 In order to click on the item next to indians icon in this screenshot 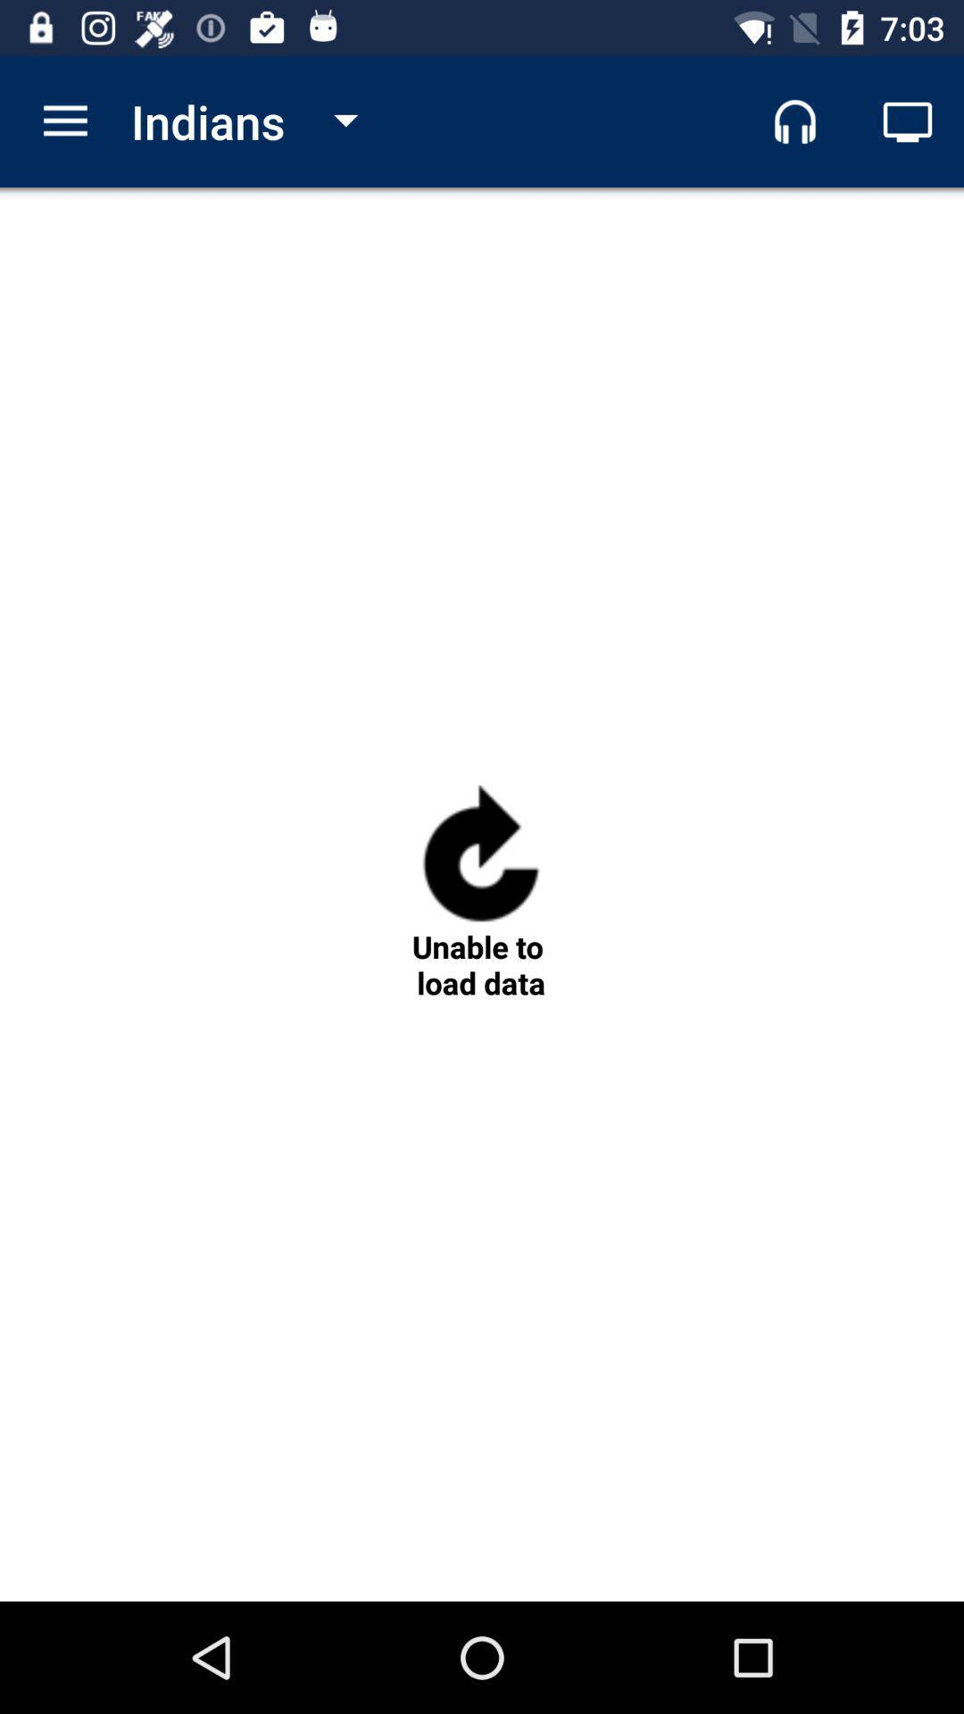, I will do `click(64, 121)`.